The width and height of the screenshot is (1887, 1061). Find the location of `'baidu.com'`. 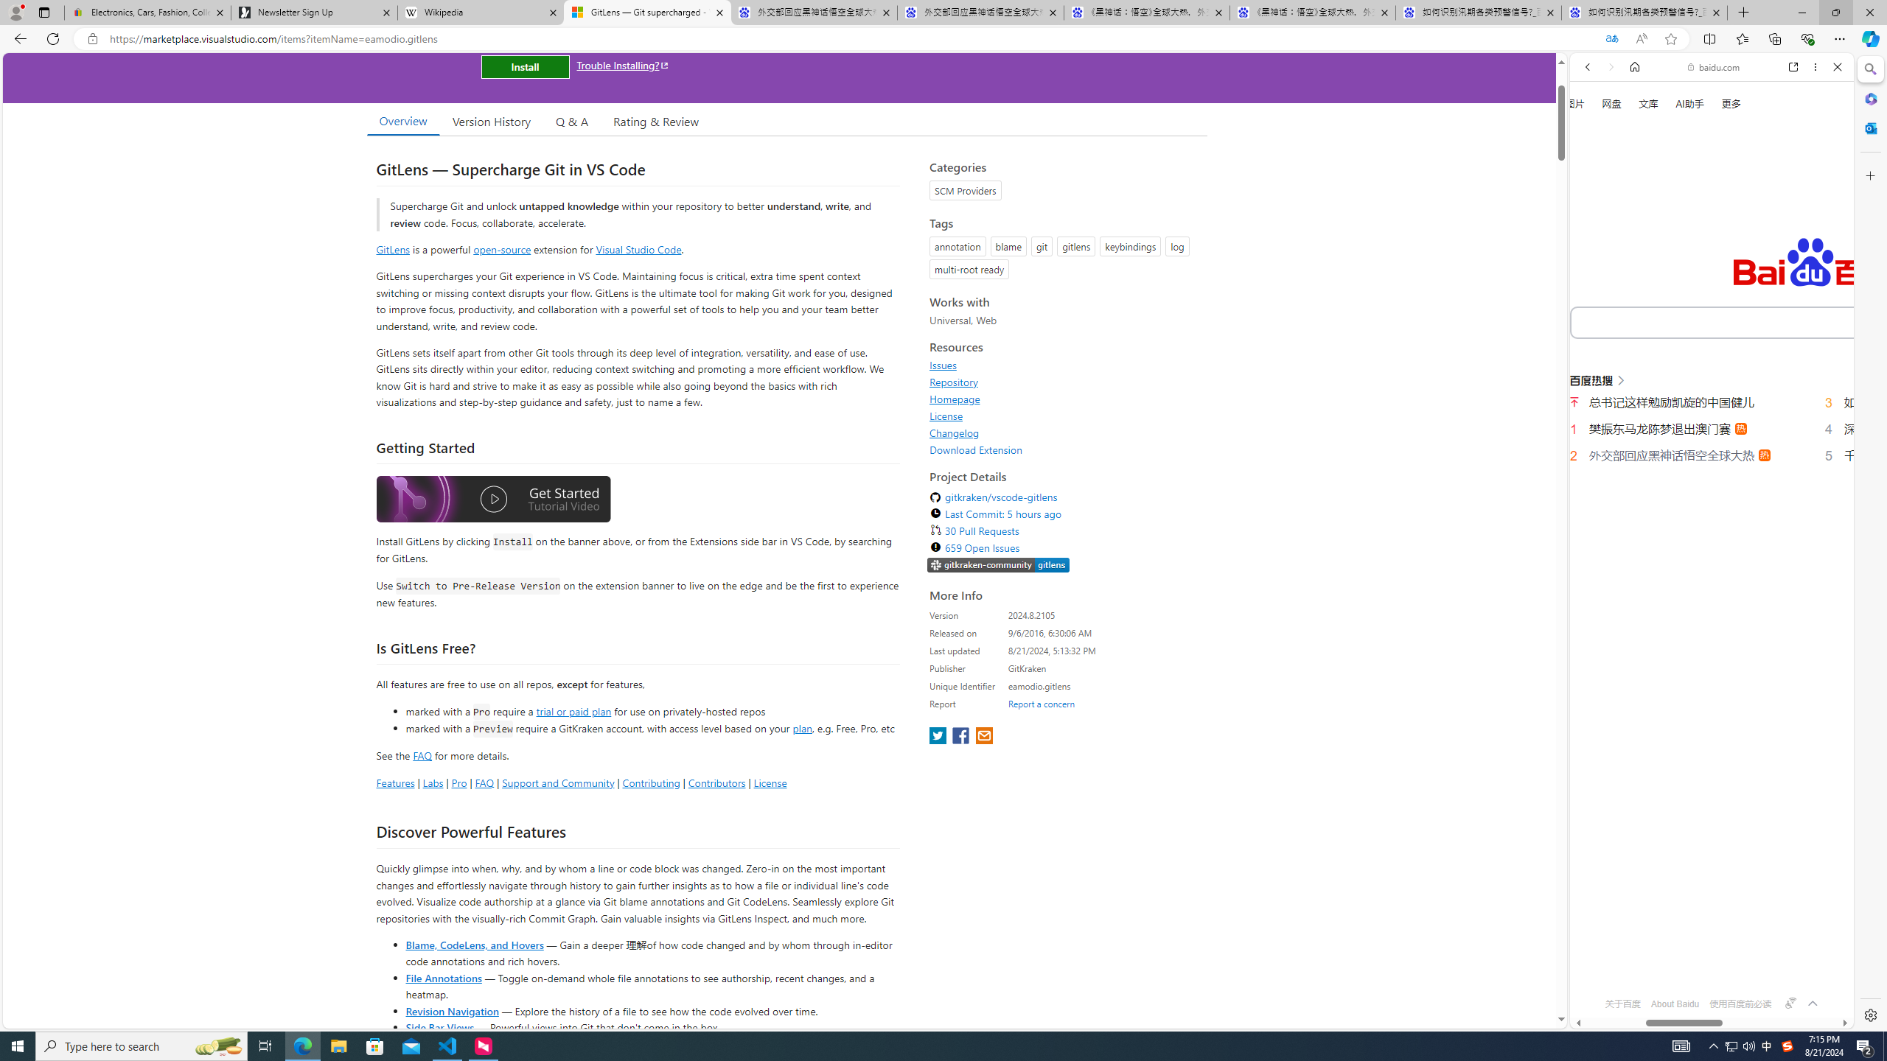

'baidu.com' is located at coordinates (1715, 67).